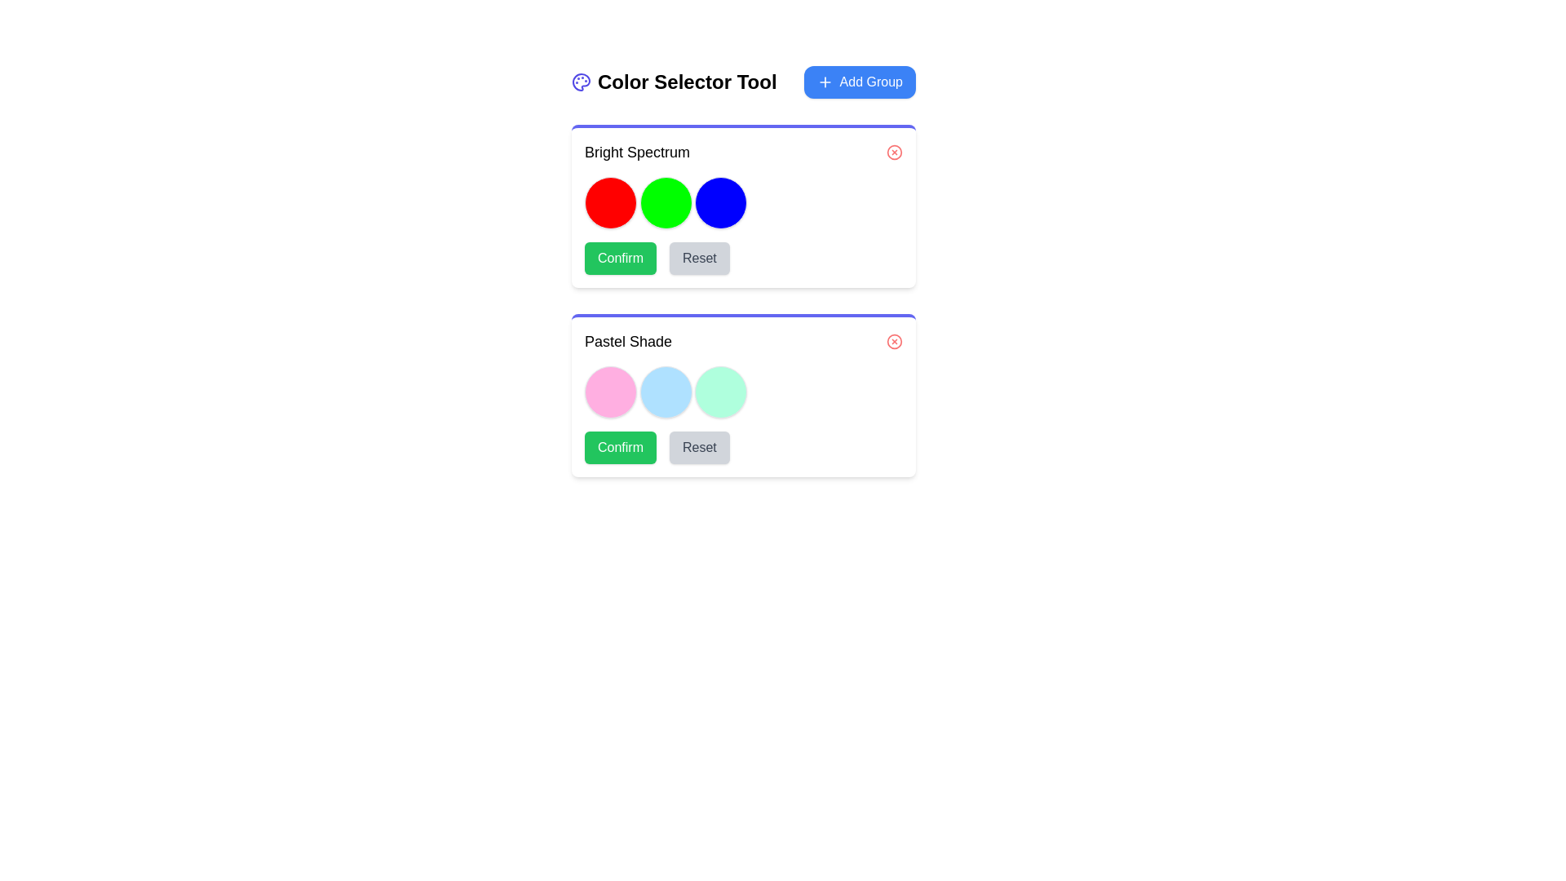  What do you see at coordinates (743, 392) in the screenshot?
I see `the horizontal grid containing three pastel-colored circular elements in the 'Pastel Shade' section` at bounding box center [743, 392].